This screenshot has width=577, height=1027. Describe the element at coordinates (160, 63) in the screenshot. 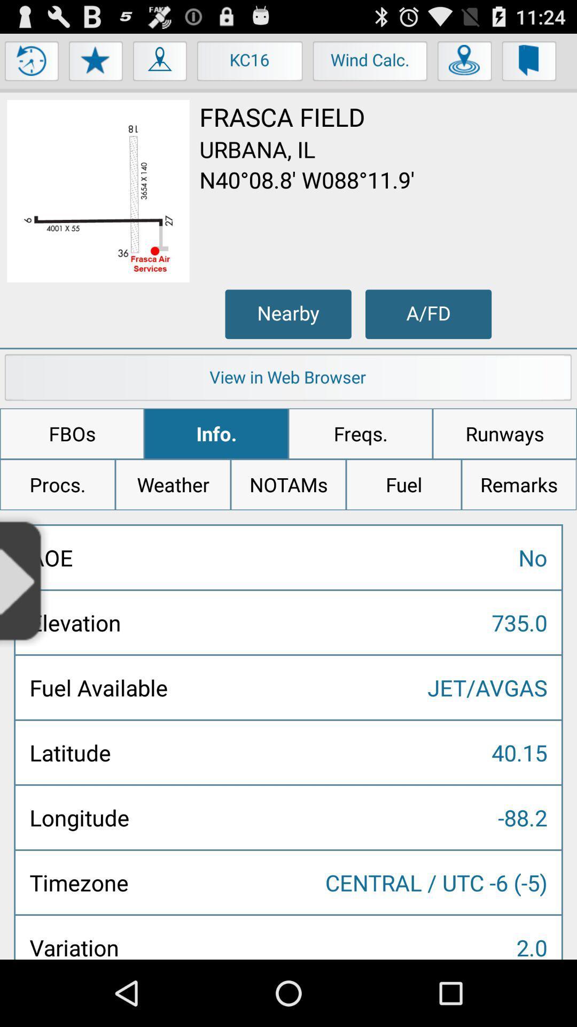

I see `my location` at that location.